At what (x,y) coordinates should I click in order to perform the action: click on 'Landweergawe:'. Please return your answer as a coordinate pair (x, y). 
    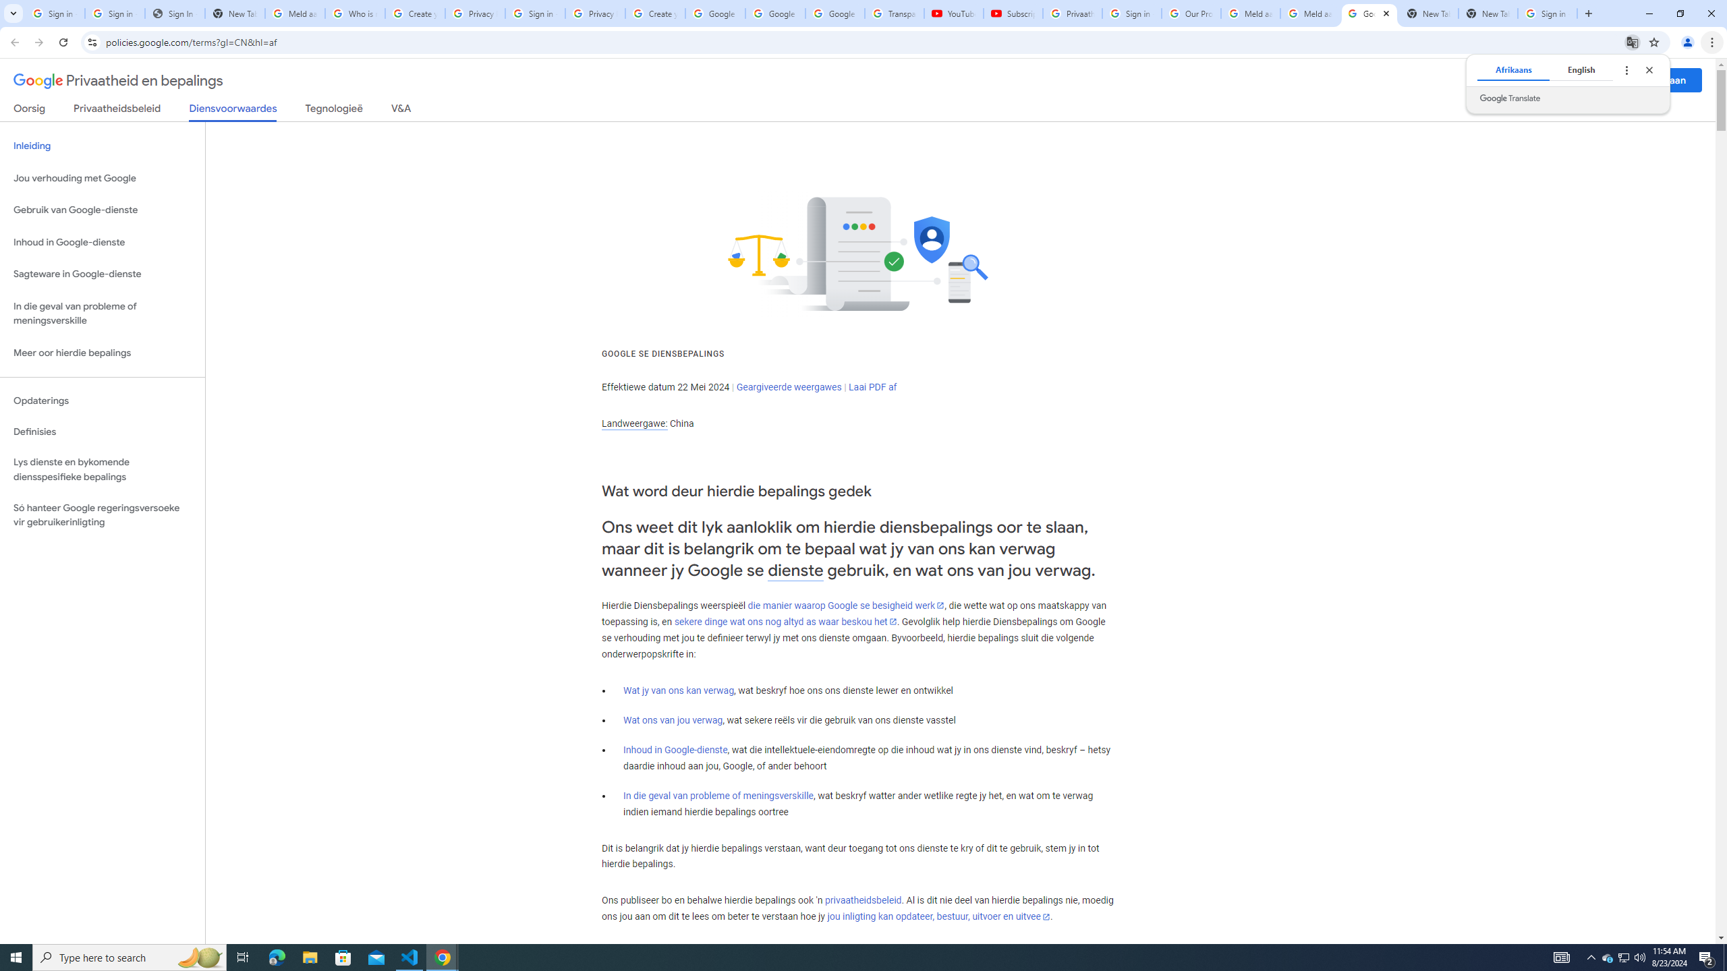
    Looking at the image, I should click on (633, 423).